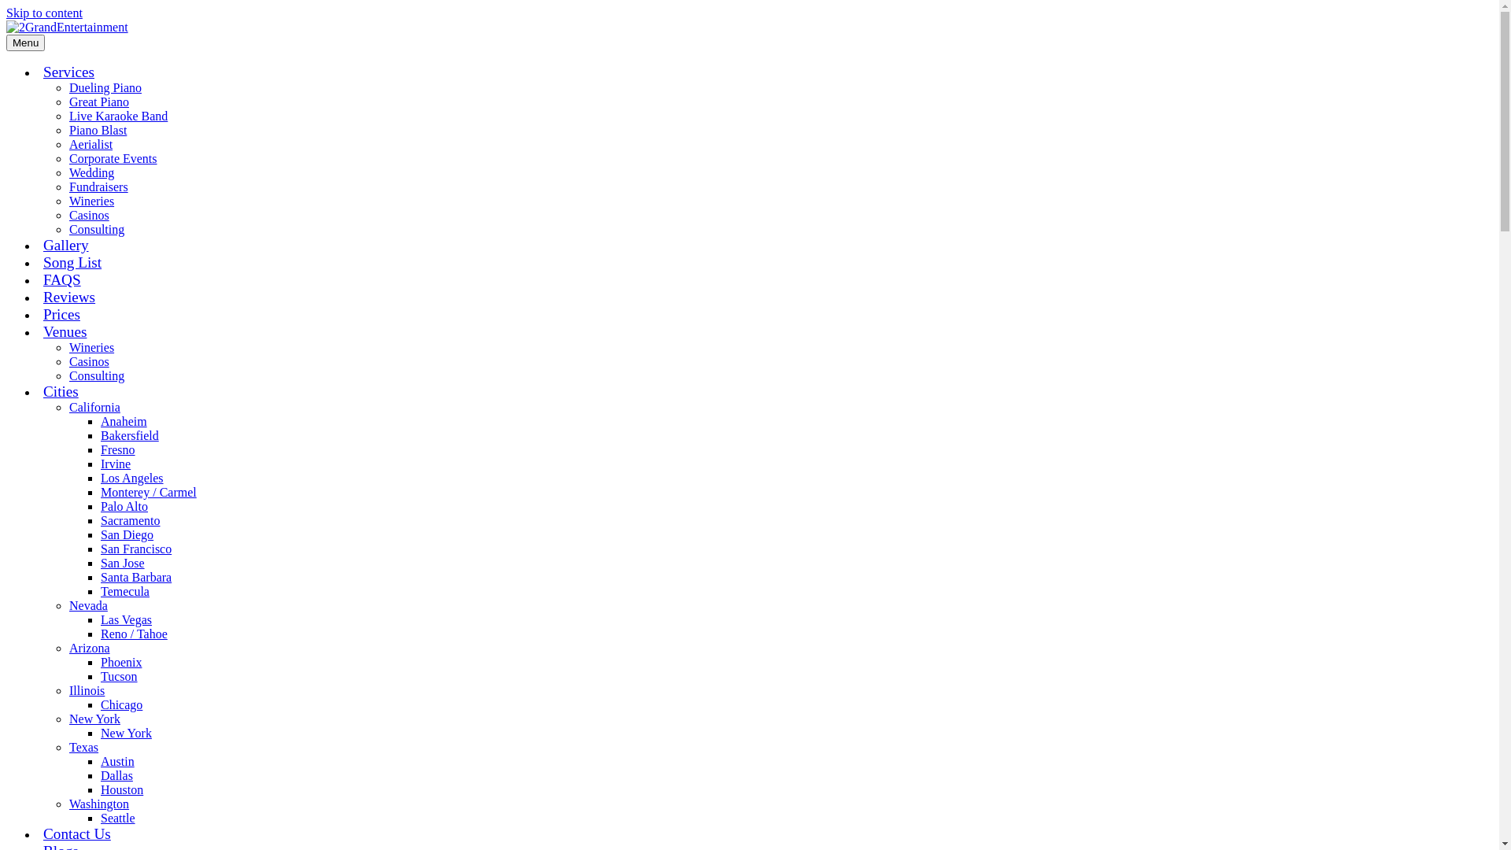 The image size is (1511, 850). What do you see at coordinates (65, 245) in the screenshot?
I see `'Gallery'` at bounding box center [65, 245].